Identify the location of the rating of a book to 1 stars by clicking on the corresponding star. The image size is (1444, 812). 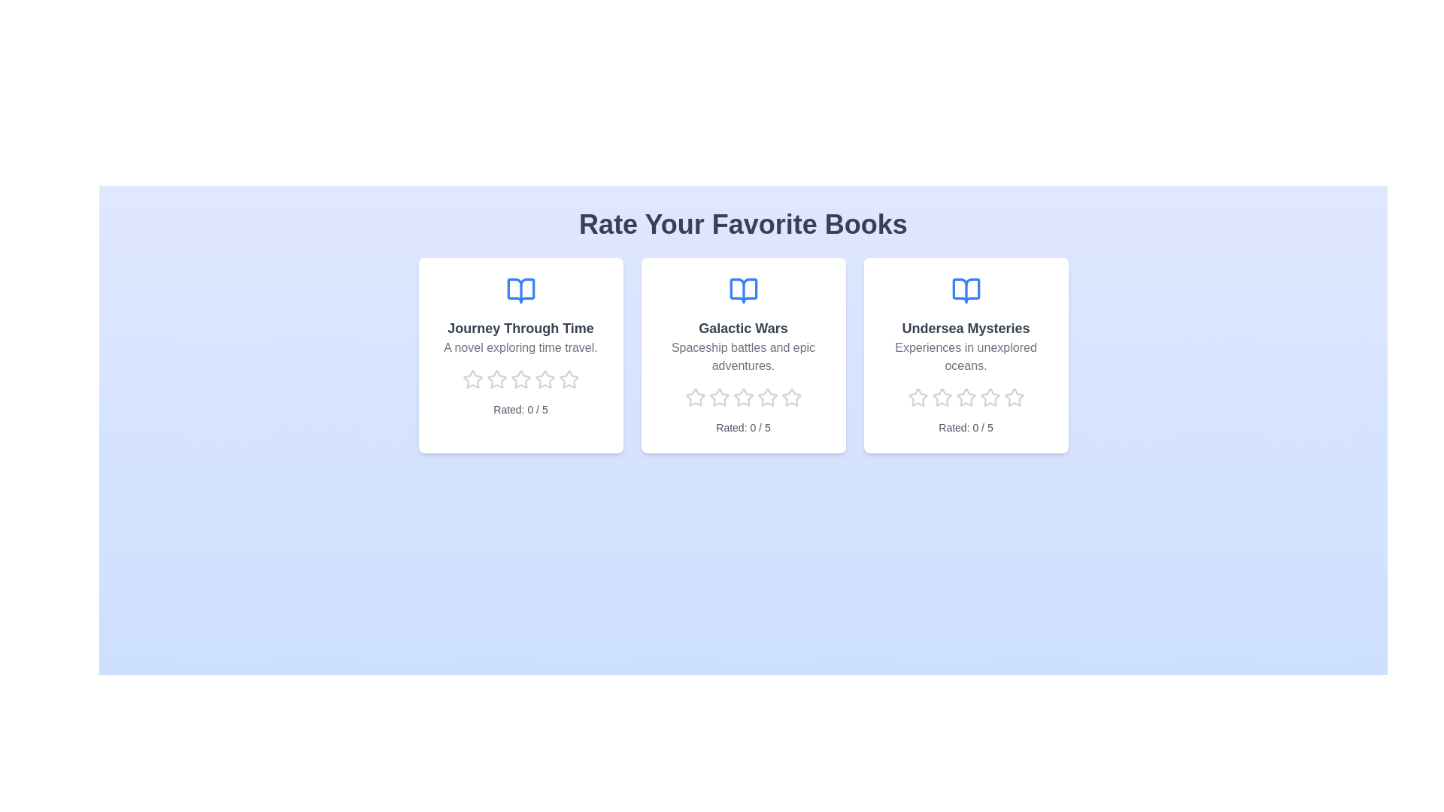
(472, 379).